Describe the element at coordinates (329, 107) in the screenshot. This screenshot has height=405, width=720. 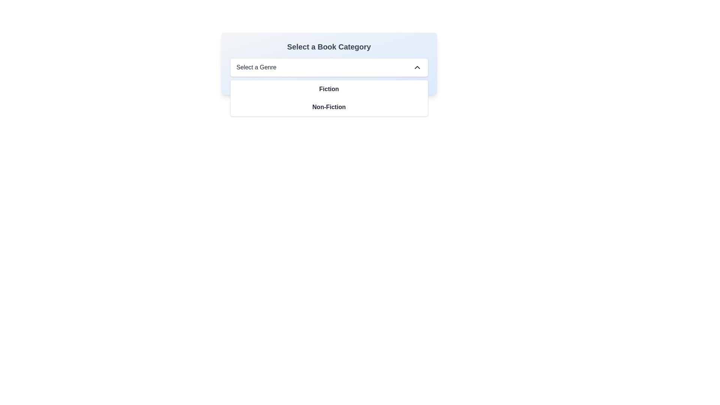
I see `the 'Non-Fiction' option in the dropdown menu` at that location.